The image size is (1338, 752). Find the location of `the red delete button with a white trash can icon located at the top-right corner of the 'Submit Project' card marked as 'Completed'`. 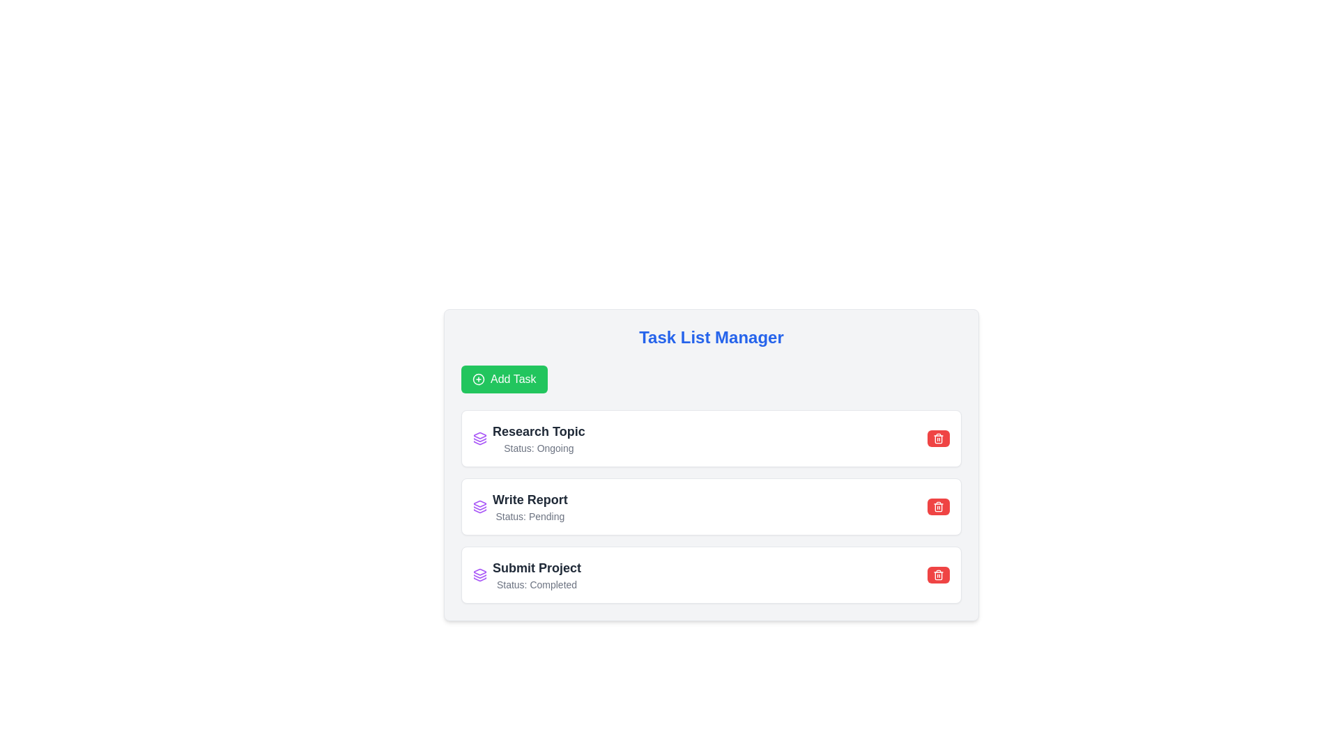

the red delete button with a white trash can icon located at the top-right corner of the 'Submit Project' card marked as 'Completed' is located at coordinates (939, 574).